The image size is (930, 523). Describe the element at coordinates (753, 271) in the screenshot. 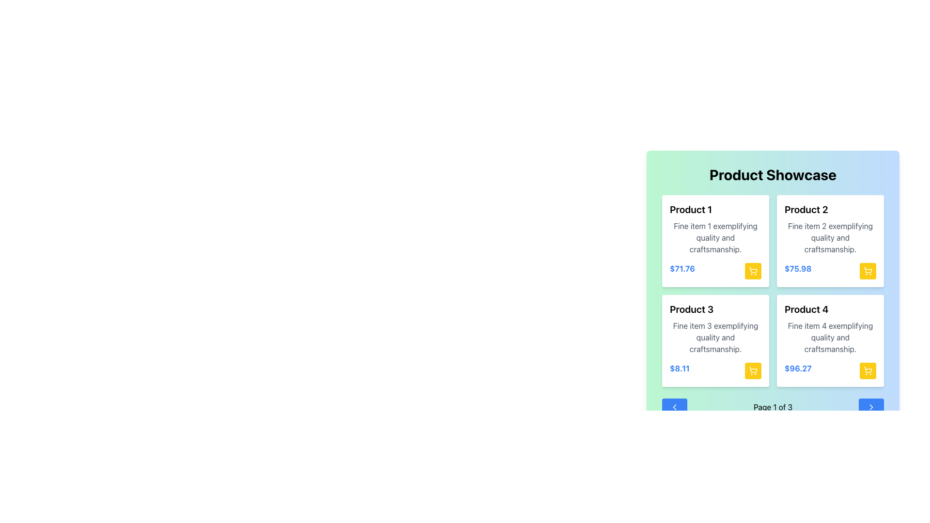

I see `the shopping cart icon, which is a minimalist yellow icon integrated within a button located to the right of the price '$71.76' in the product grid` at that location.